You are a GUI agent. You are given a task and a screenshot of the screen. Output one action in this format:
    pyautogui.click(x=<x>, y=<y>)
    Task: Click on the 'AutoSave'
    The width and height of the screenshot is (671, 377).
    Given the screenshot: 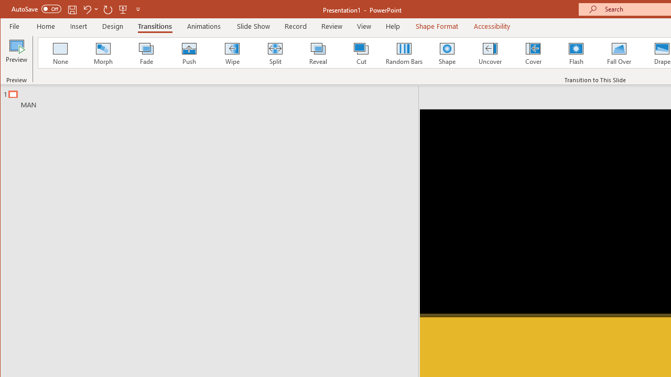 What is the action you would take?
    pyautogui.click(x=36, y=9)
    